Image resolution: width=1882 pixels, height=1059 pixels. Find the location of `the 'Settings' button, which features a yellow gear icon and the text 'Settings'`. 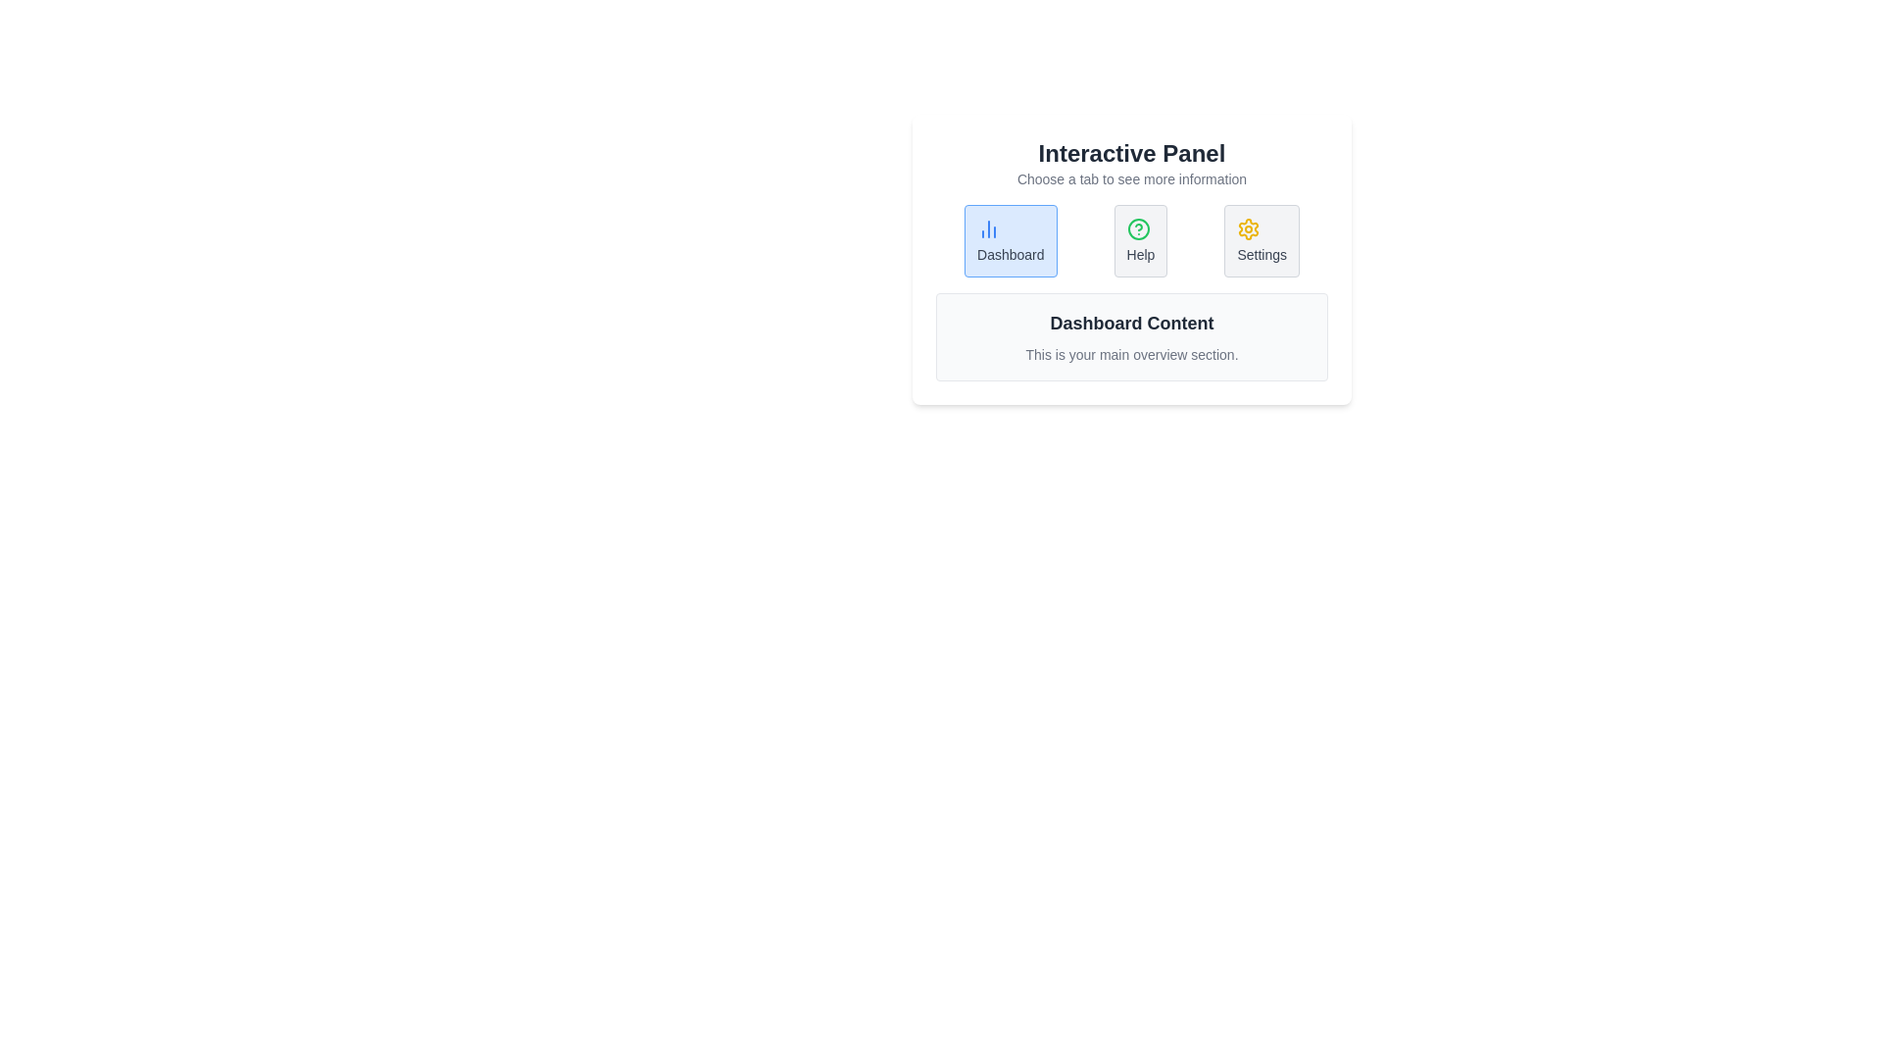

the 'Settings' button, which features a yellow gear icon and the text 'Settings' is located at coordinates (1262, 240).